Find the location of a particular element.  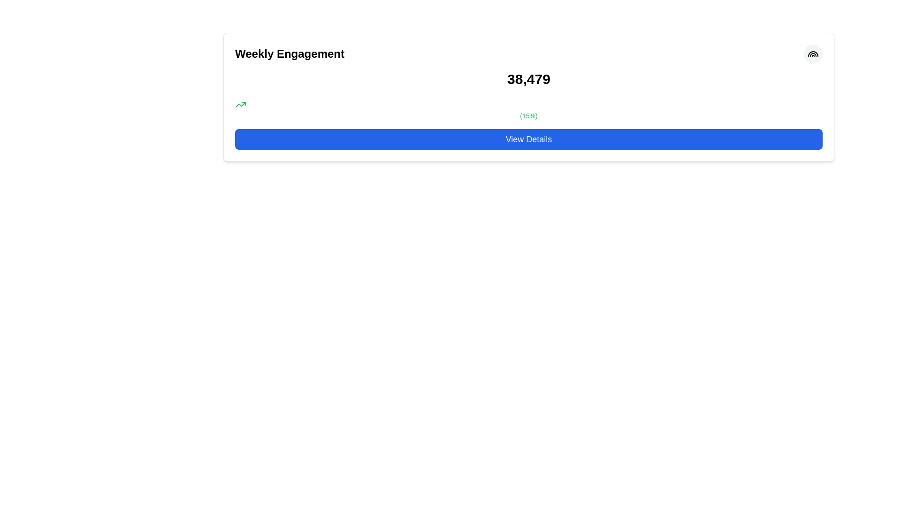

the upward trend icon located beneath the 'Weekly Engagement' heading, next to the '(15%)' text is located at coordinates (241, 105).